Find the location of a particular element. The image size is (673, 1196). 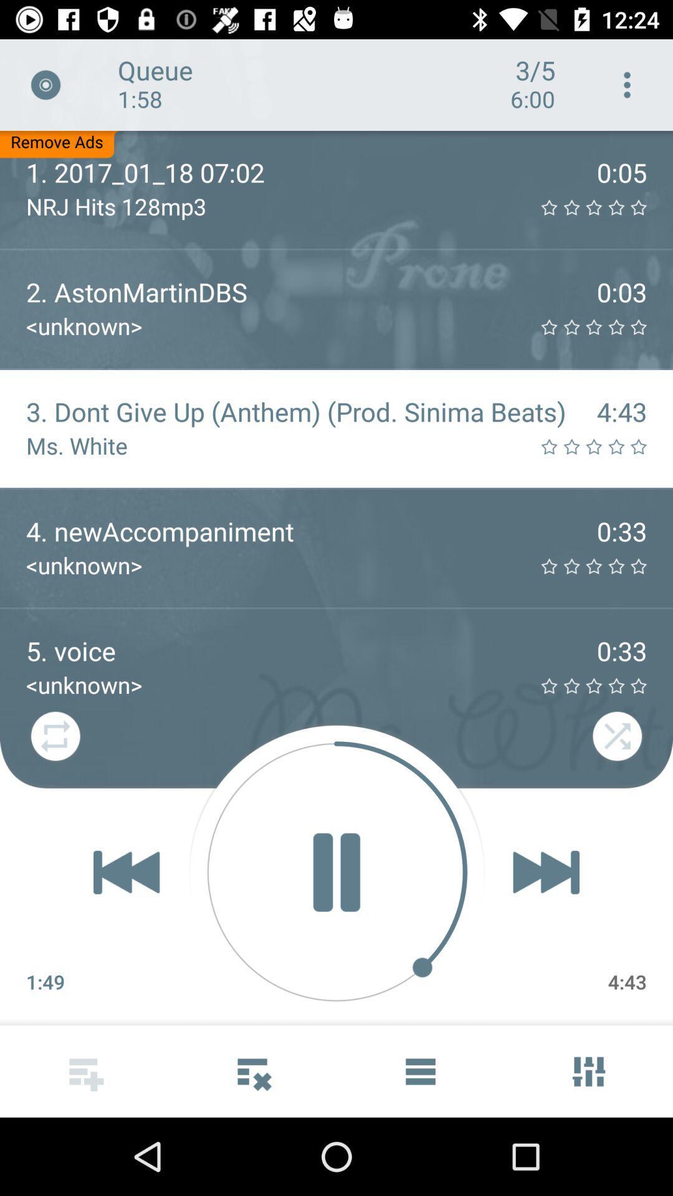

the more icon is located at coordinates (84, 1071).